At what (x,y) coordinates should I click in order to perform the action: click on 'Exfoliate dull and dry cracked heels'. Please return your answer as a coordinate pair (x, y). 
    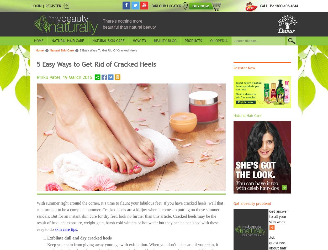
    Looking at the image, I should click on (79, 238).